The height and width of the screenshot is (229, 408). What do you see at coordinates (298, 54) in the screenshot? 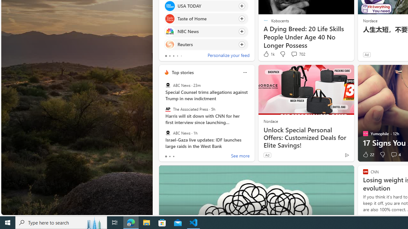
I see `'View comments 702 Comment'` at bounding box center [298, 54].